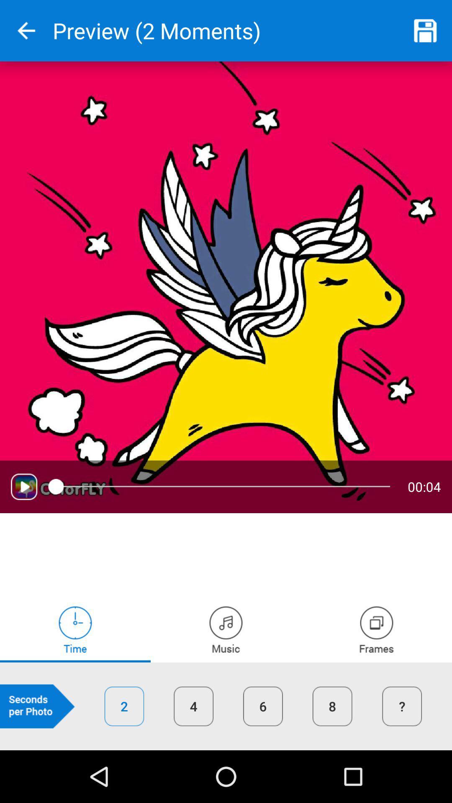 The height and width of the screenshot is (803, 452). What do you see at coordinates (226, 629) in the screenshot?
I see `the microphone icon` at bounding box center [226, 629].